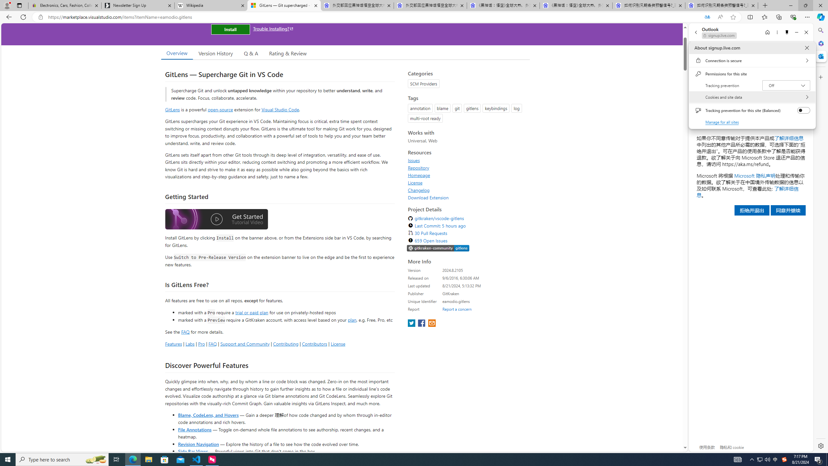  What do you see at coordinates (752, 60) in the screenshot?
I see `'Connection is secure'` at bounding box center [752, 60].